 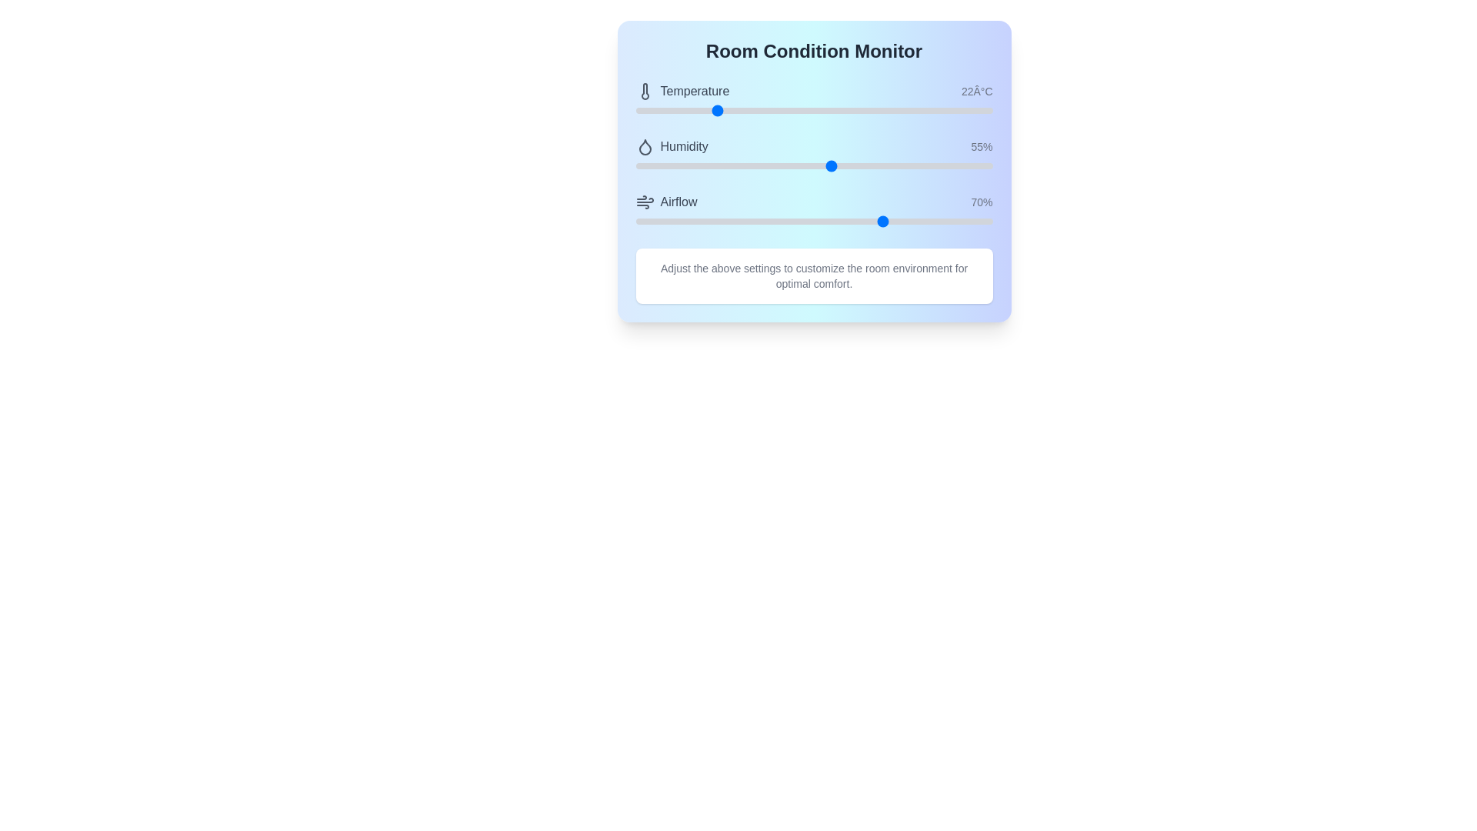 I want to click on text displayed in the label showing 'Airflow', which is located to the right of a wind icon and above a horizontal marker, so click(x=678, y=201).